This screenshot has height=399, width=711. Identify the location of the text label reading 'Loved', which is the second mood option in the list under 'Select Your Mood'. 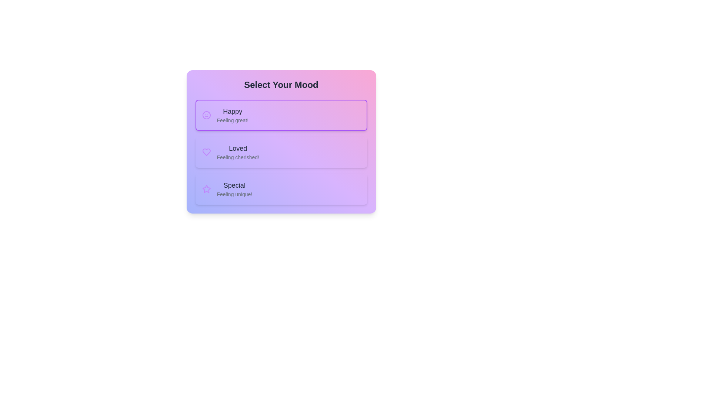
(238, 148).